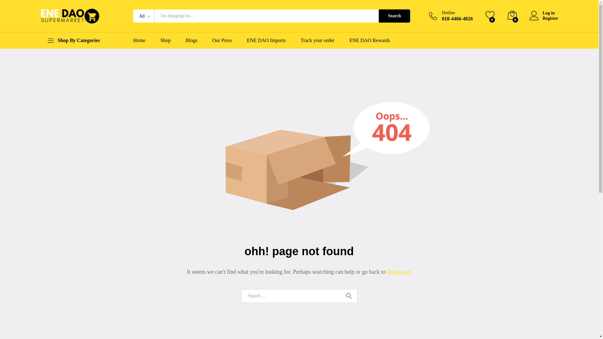 The height and width of the screenshot is (339, 603). What do you see at coordinates (139, 40) in the screenshot?
I see `'Home'` at bounding box center [139, 40].